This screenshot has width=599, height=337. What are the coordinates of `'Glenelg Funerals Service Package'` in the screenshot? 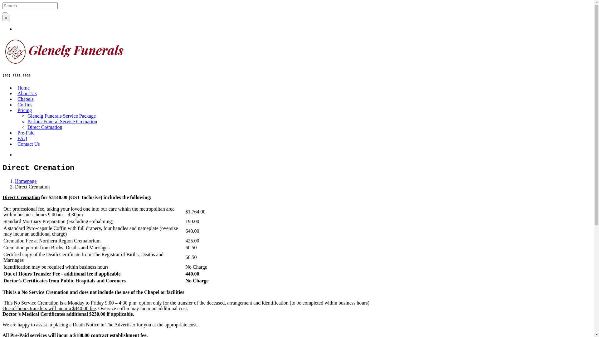 It's located at (61, 116).